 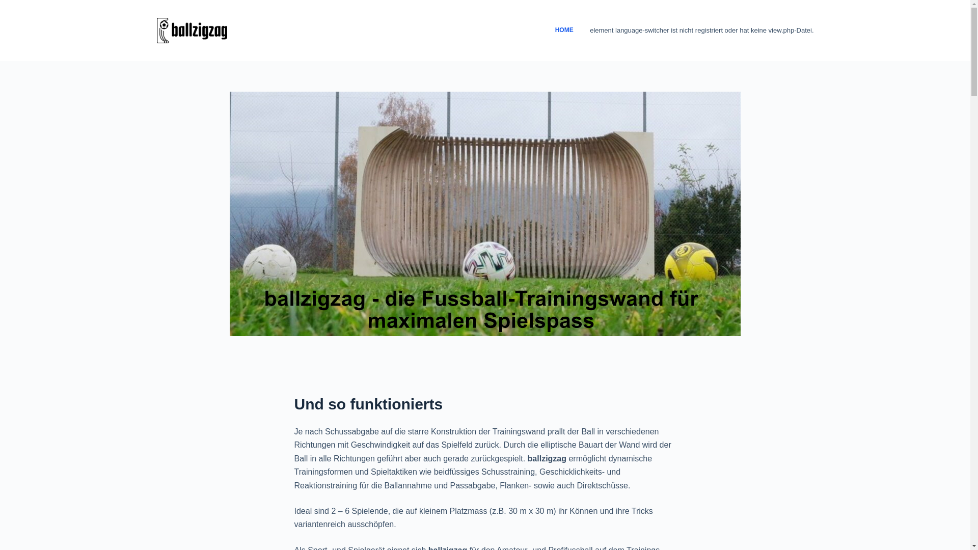 I want to click on 'Zum Inhalt springen', so click(x=10, y=5).